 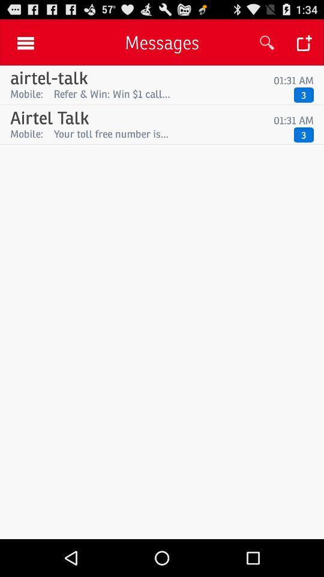 What do you see at coordinates (170, 93) in the screenshot?
I see `the app to the left of the 3 app` at bounding box center [170, 93].